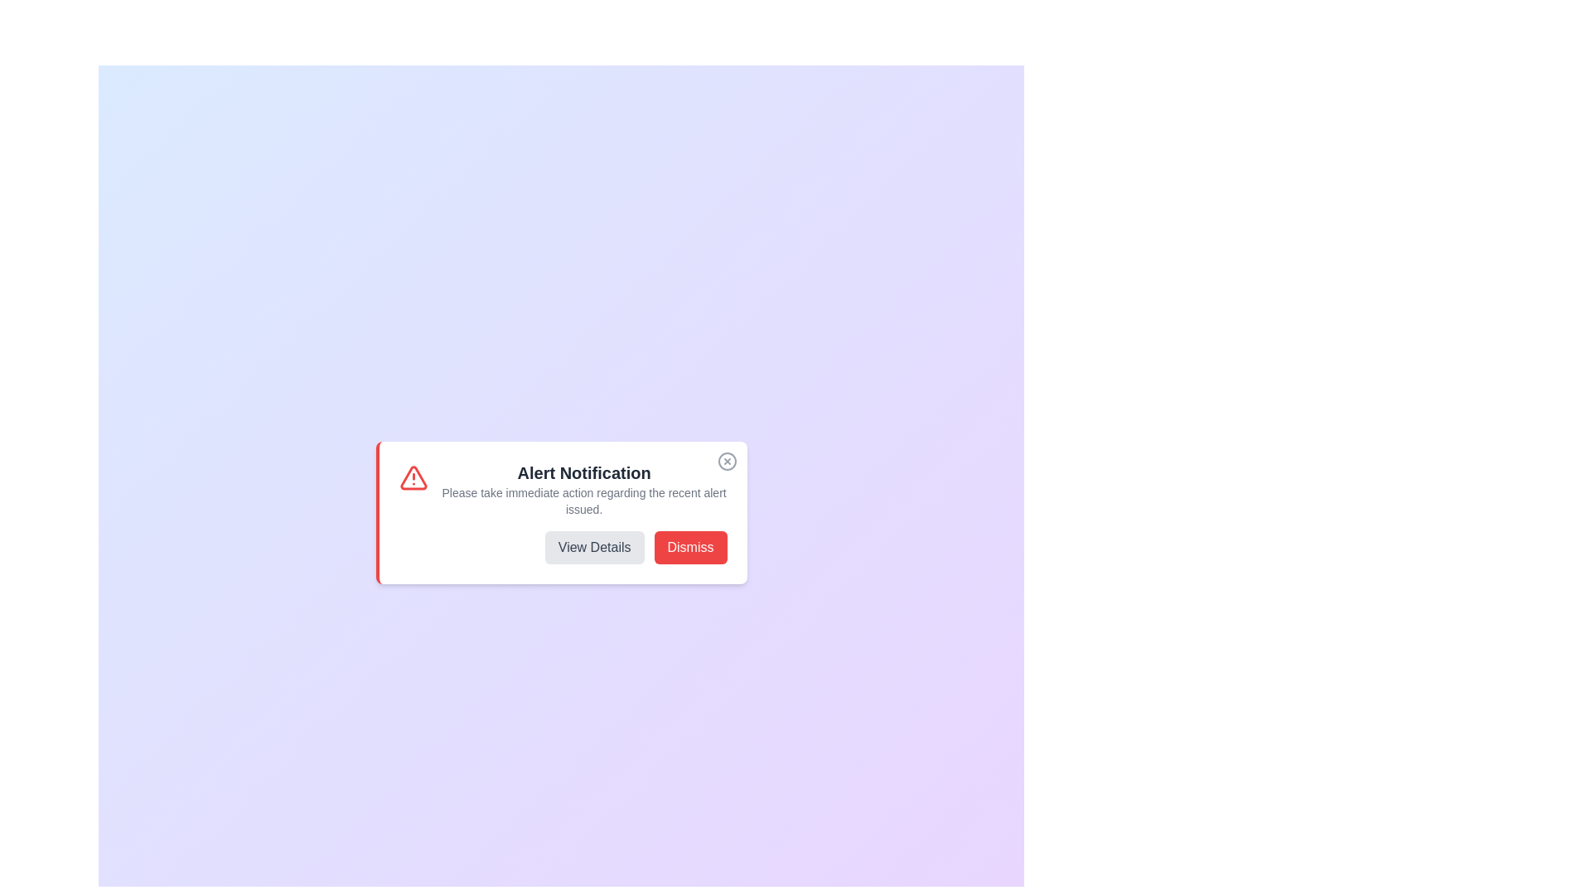  What do you see at coordinates (413, 478) in the screenshot?
I see `the alert icon to inspect its details` at bounding box center [413, 478].